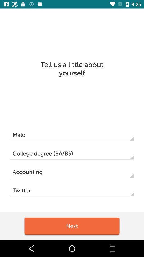 This screenshot has height=257, width=144. What do you see at coordinates (72, 226) in the screenshot?
I see `the item below the twitter` at bounding box center [72, 226].